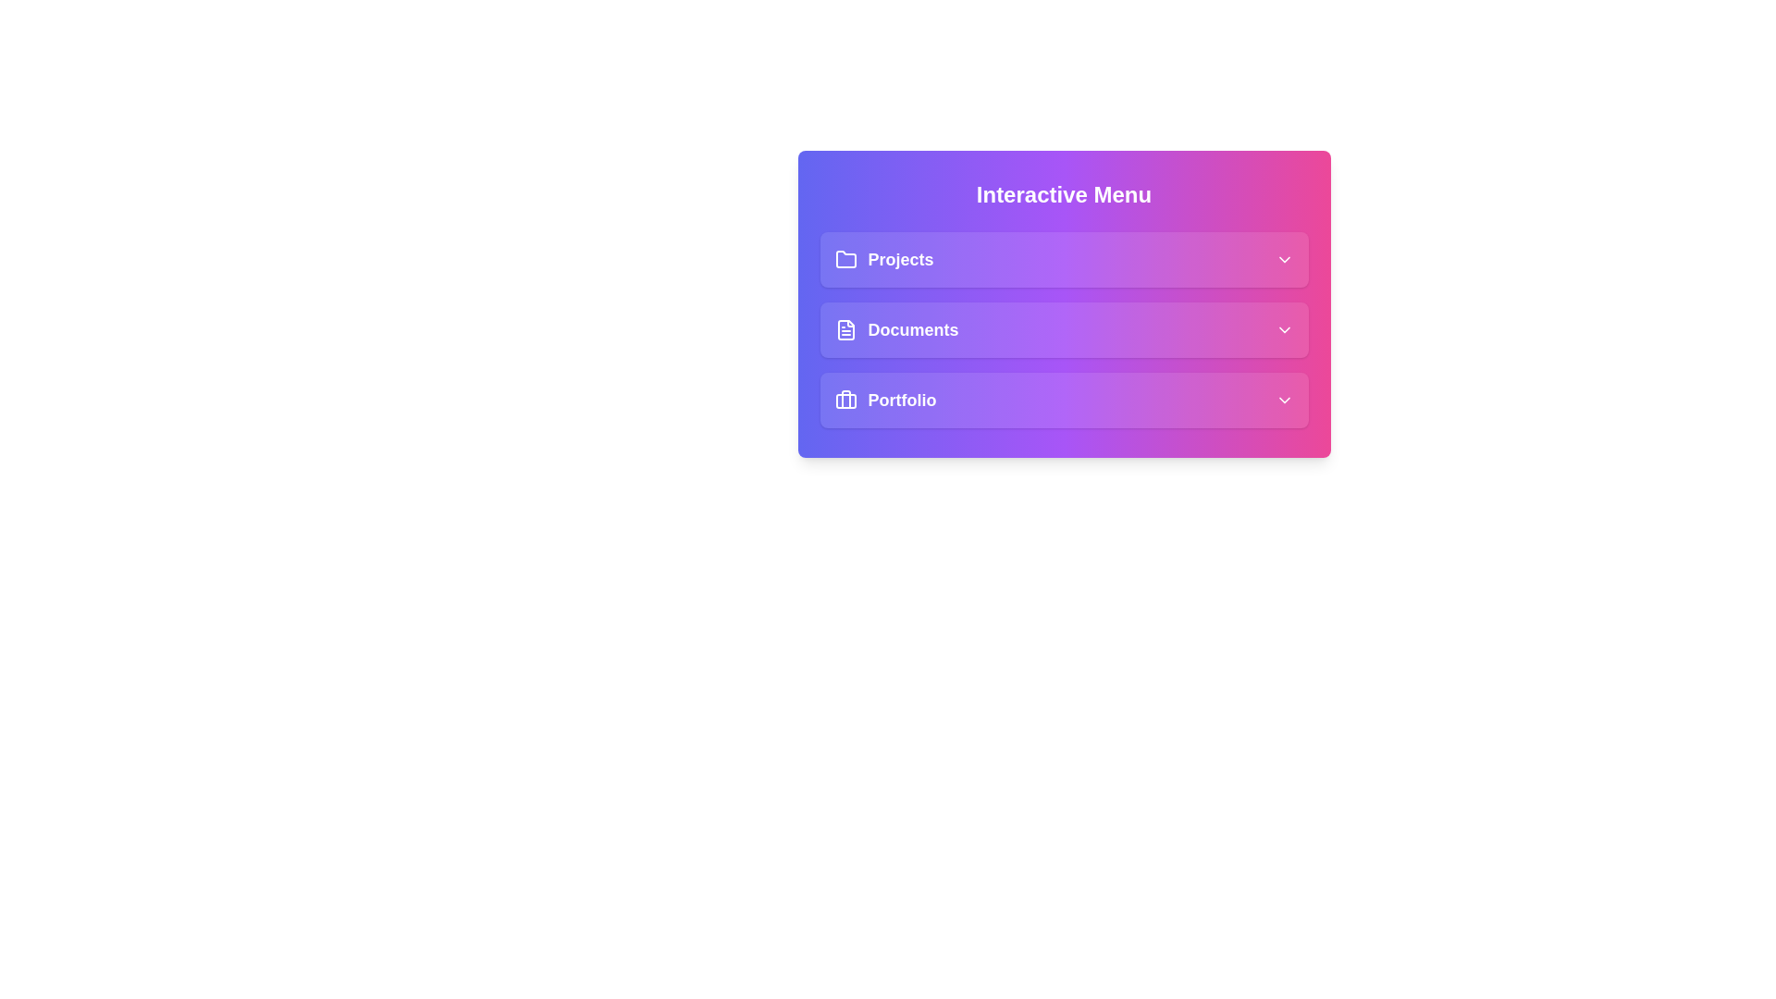 The image size is (1776, 999). What do you see at coordinates (845, 259) in the screenshot?
I see `the folder-shaped vector graphic icon located next to the text 'Projects' in the vertical menu` at bounding box center [845, 259].